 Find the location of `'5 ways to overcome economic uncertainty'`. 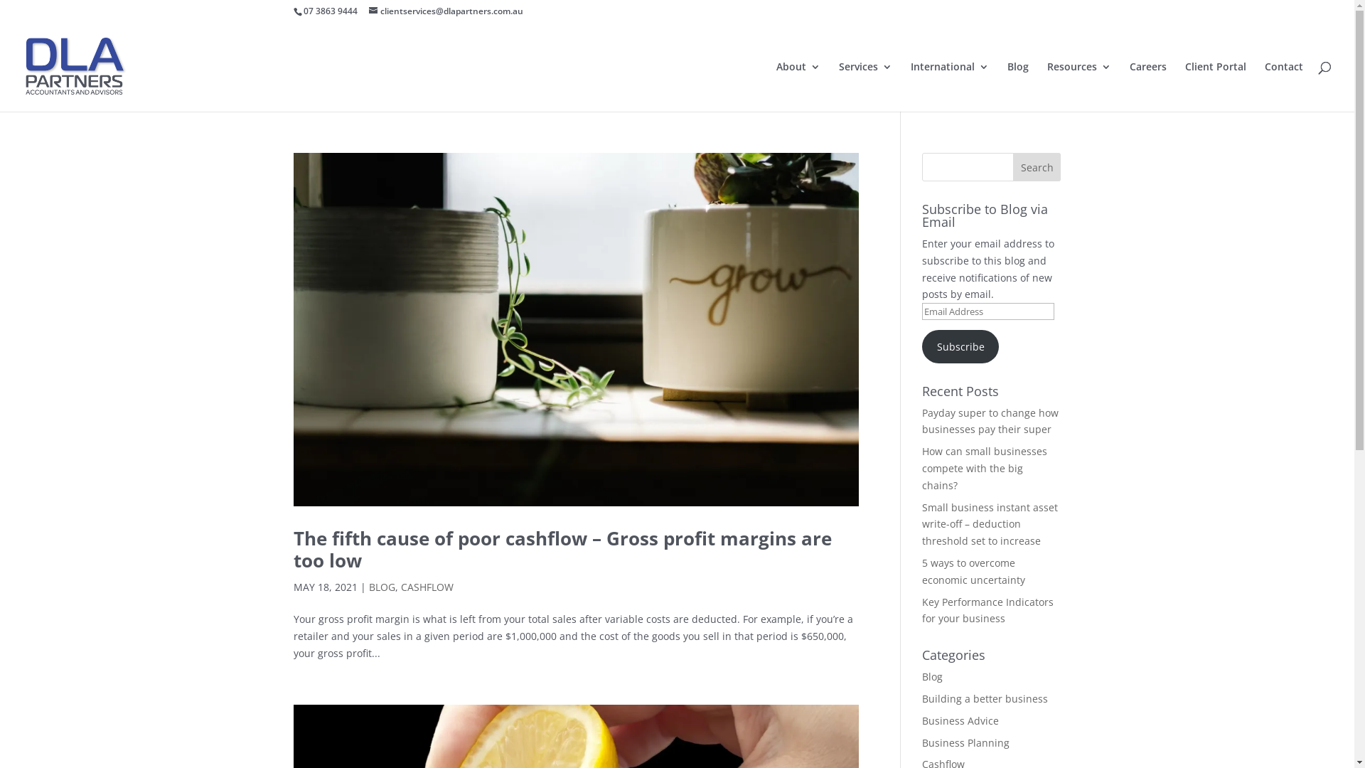

'5 ways to overcome economic uncertainty' is located at coordinates (973, 570).